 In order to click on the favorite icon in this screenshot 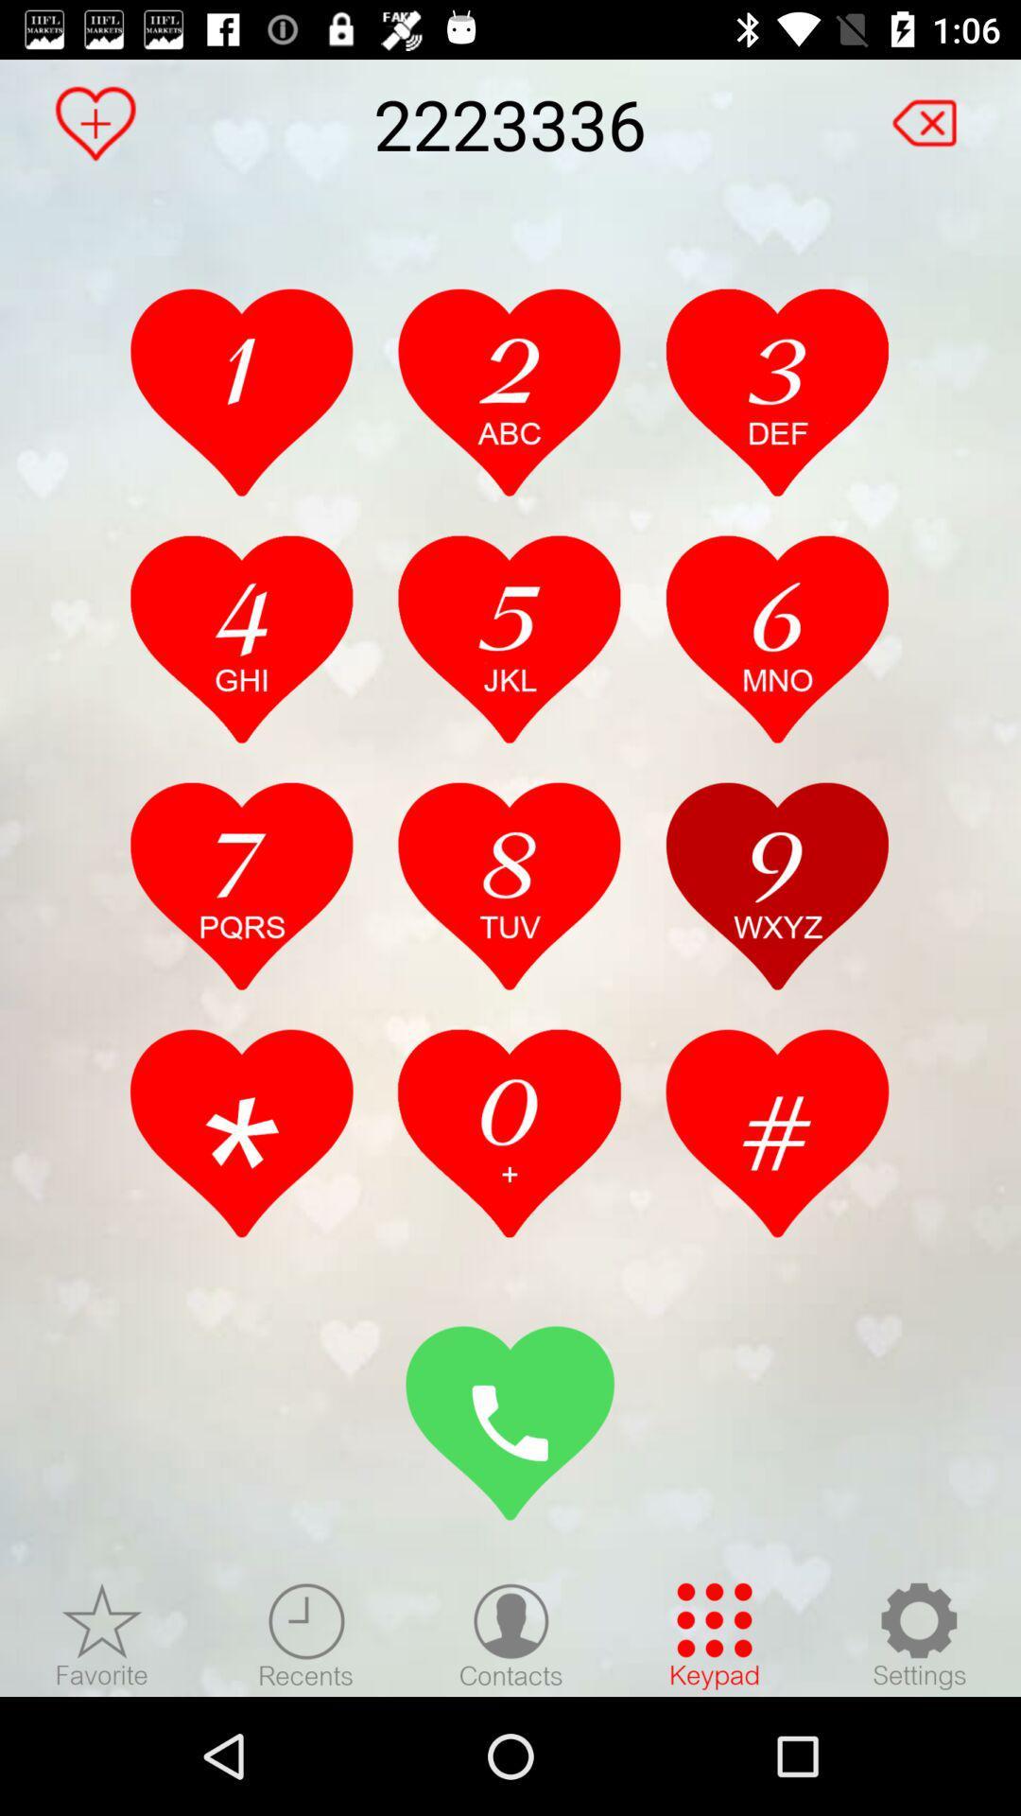, I will do `click(95, 122)`.